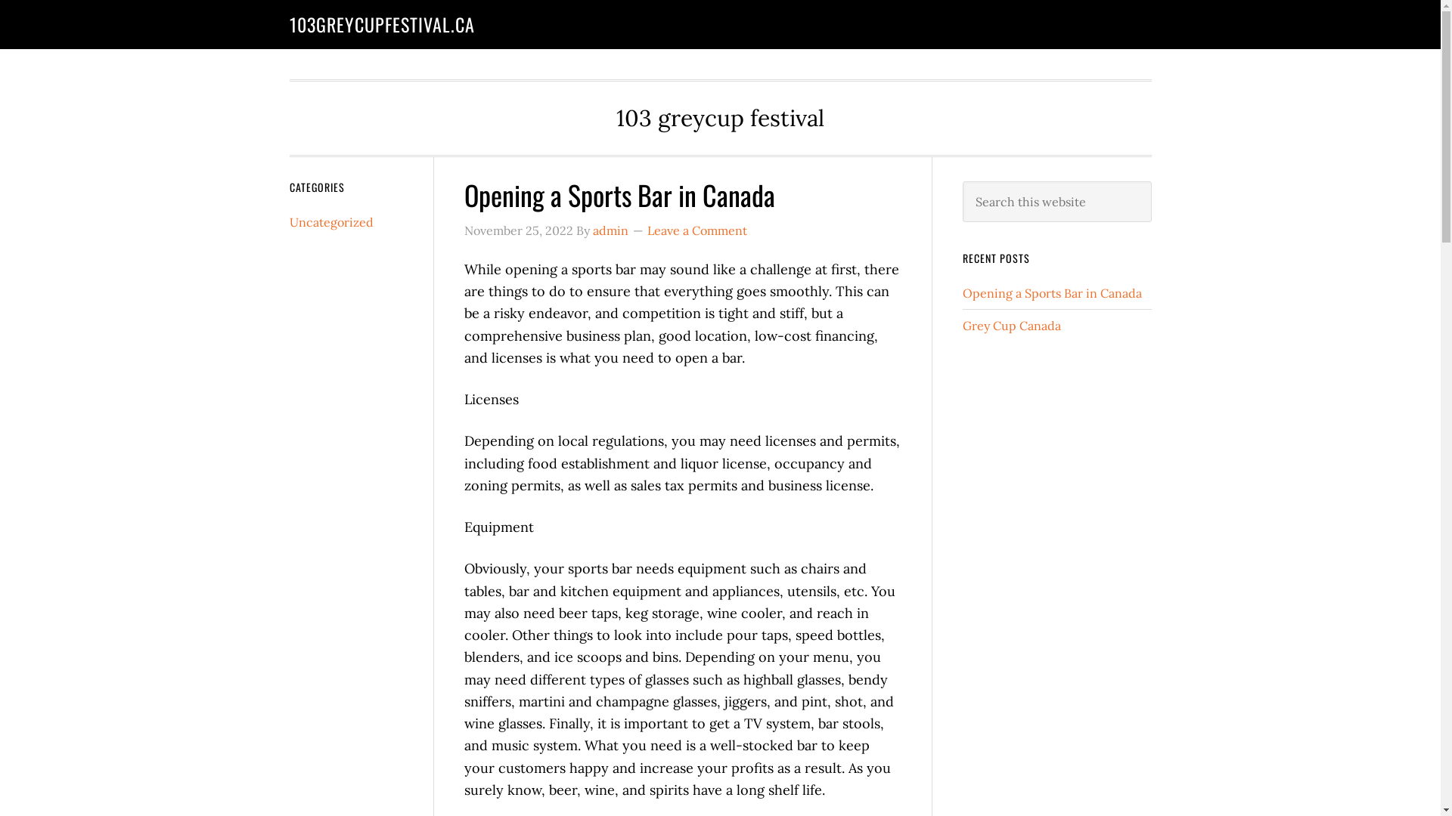  What do you see at coordinates (289, 221) in the screenshot?
I see `'Uncategorized'` at bounding box center [289, 221].